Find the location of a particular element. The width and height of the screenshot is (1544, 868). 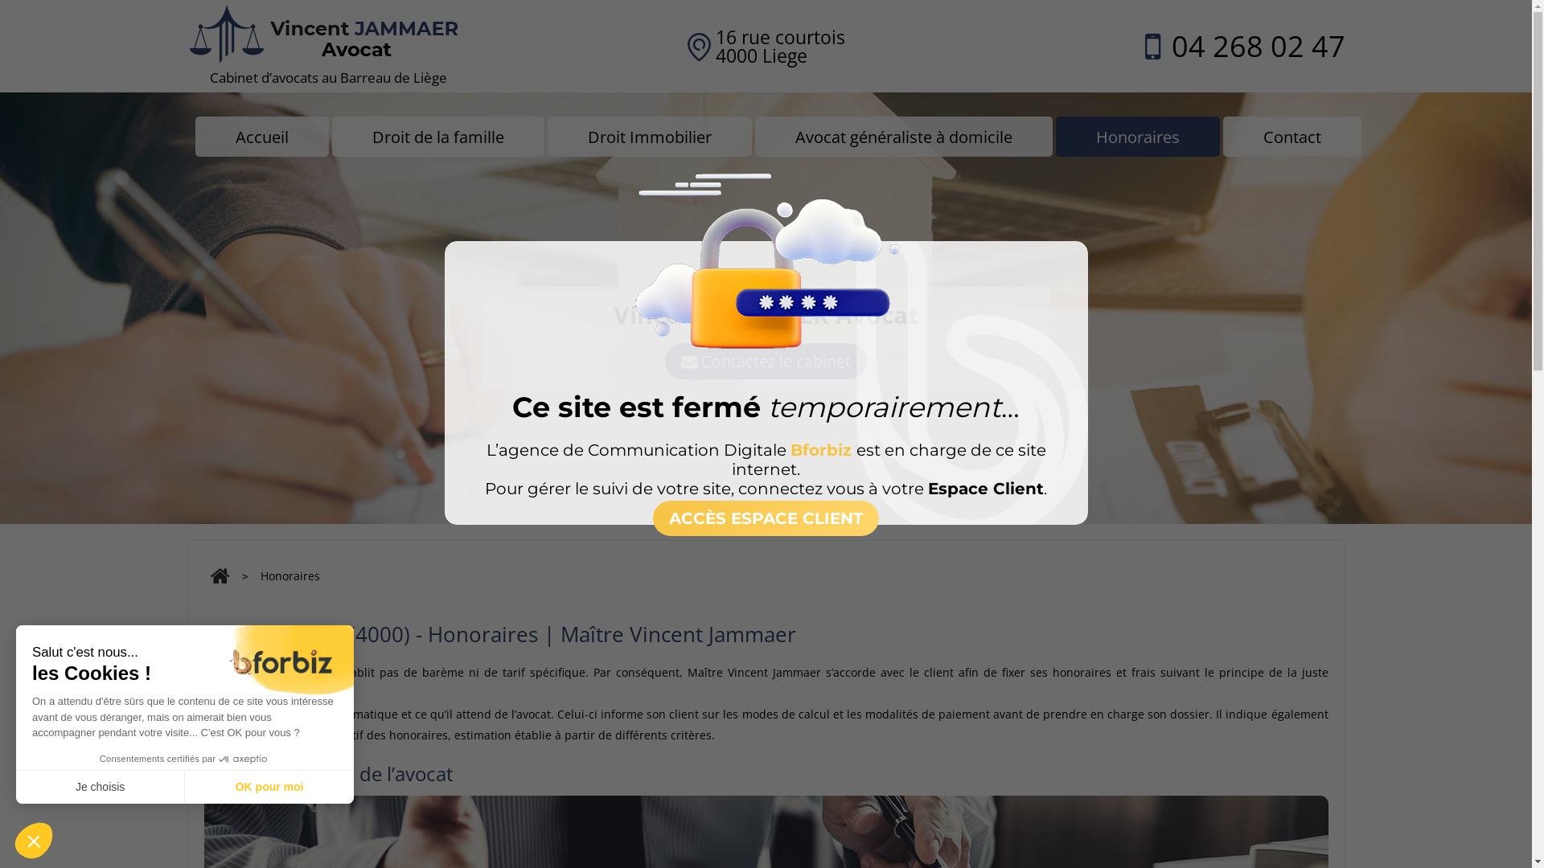

'Accueil' is located at coordinates (261, 135).